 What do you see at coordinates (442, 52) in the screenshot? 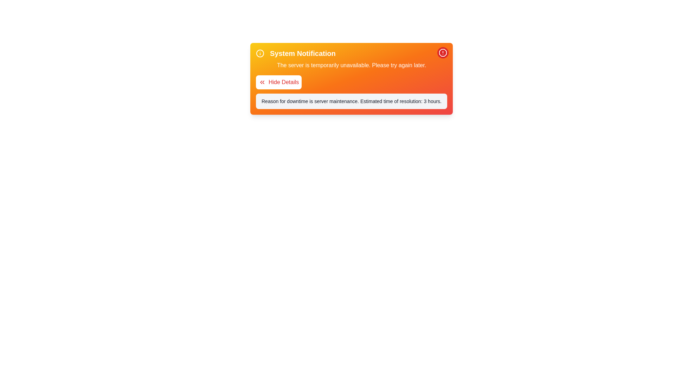
I see `close button located at the top-right corner of the notification` at bounding box center [442, 52].